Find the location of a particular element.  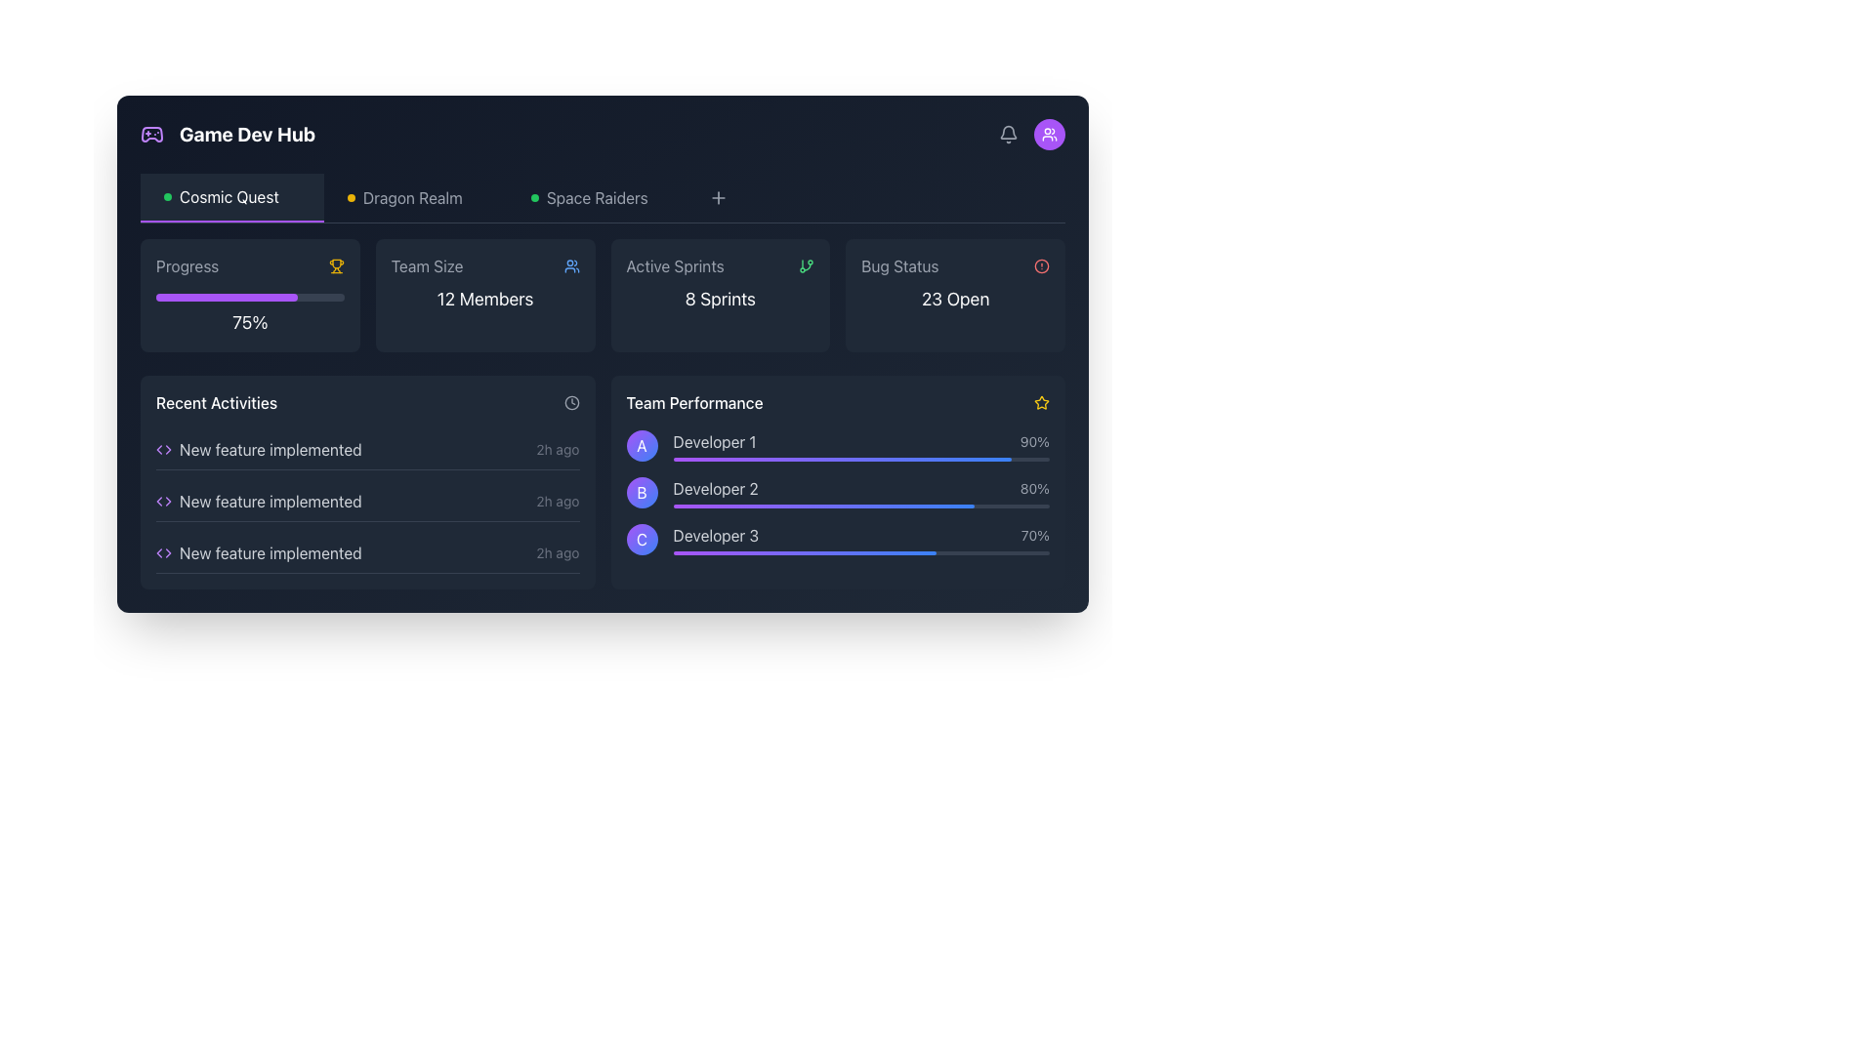

the text label displaying the time elapsed since the associated activity occurred, located in the bottom-right corner of the 'Recent Activities' section is located at coordinates (557, 450).